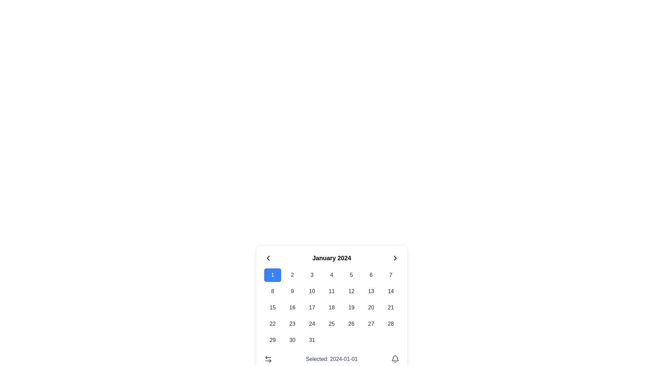 Image resolution: width=652 pixels, height=366 pixels. What do you see at coordinates (272, 291) in the screenshot?
I see `the calendar date cell displaying the number '8'` at bounding box center [272, 291].